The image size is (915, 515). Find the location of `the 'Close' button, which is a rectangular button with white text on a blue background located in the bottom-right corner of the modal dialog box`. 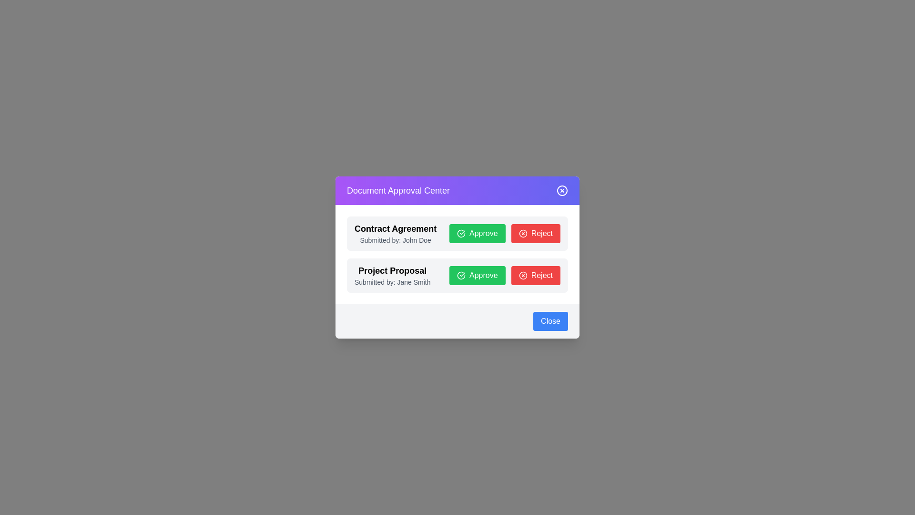

the 'Close' button, which is a rectangular button with white text on a blue background located in the bottom-right corner of the modal dialog box is located at coordinates (550, 321).